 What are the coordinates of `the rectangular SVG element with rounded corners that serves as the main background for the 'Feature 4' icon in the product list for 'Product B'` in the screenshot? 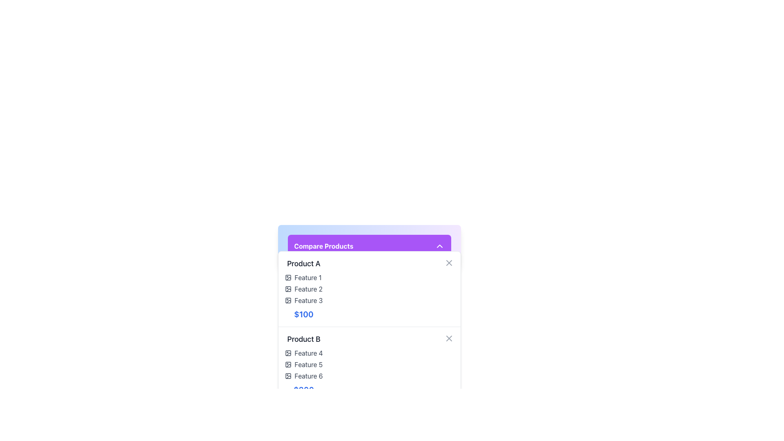 It's located at (288, 352).